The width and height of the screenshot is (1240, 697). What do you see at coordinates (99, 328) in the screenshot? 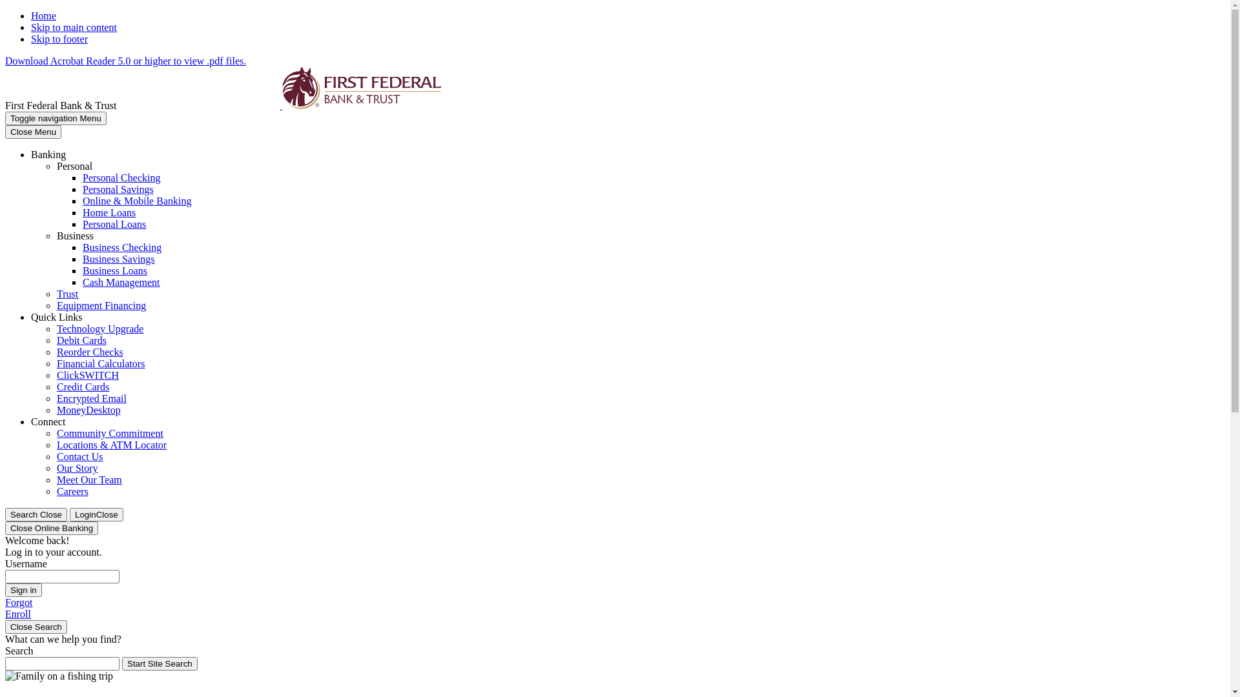
I see `'Technology Upgrade'` at bounding box center [99, 328].